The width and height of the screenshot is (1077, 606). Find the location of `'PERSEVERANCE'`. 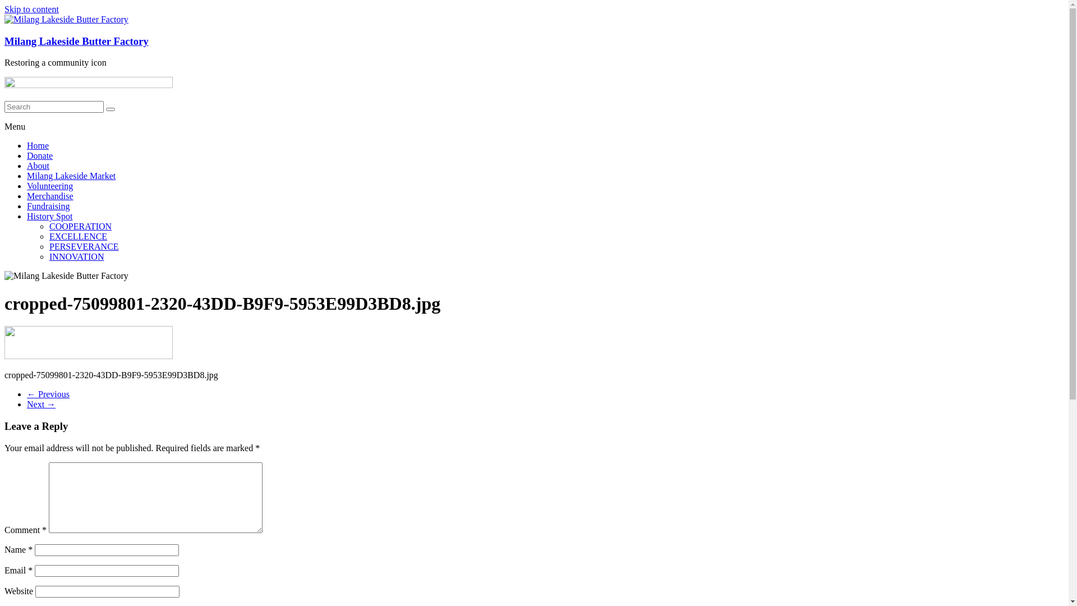

'PERSEVERANCE' is located at coordinates (83, 246).